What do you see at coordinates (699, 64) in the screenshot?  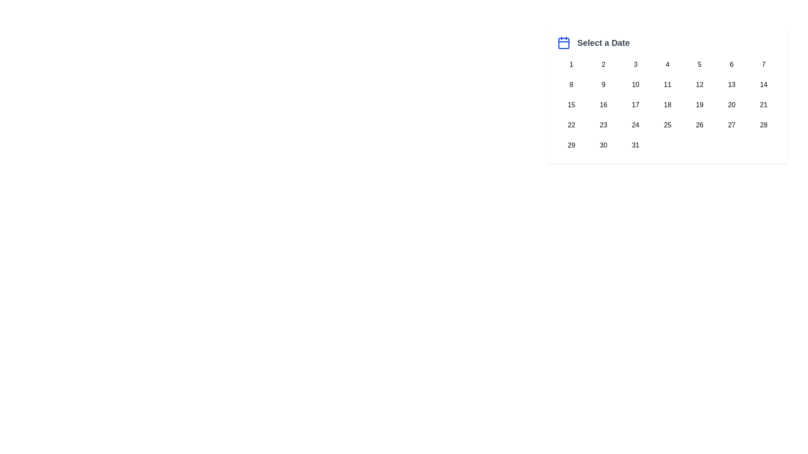 I see `the selectable day button representing the 5th day within the calendar widget` at bounding box center [699, 64].